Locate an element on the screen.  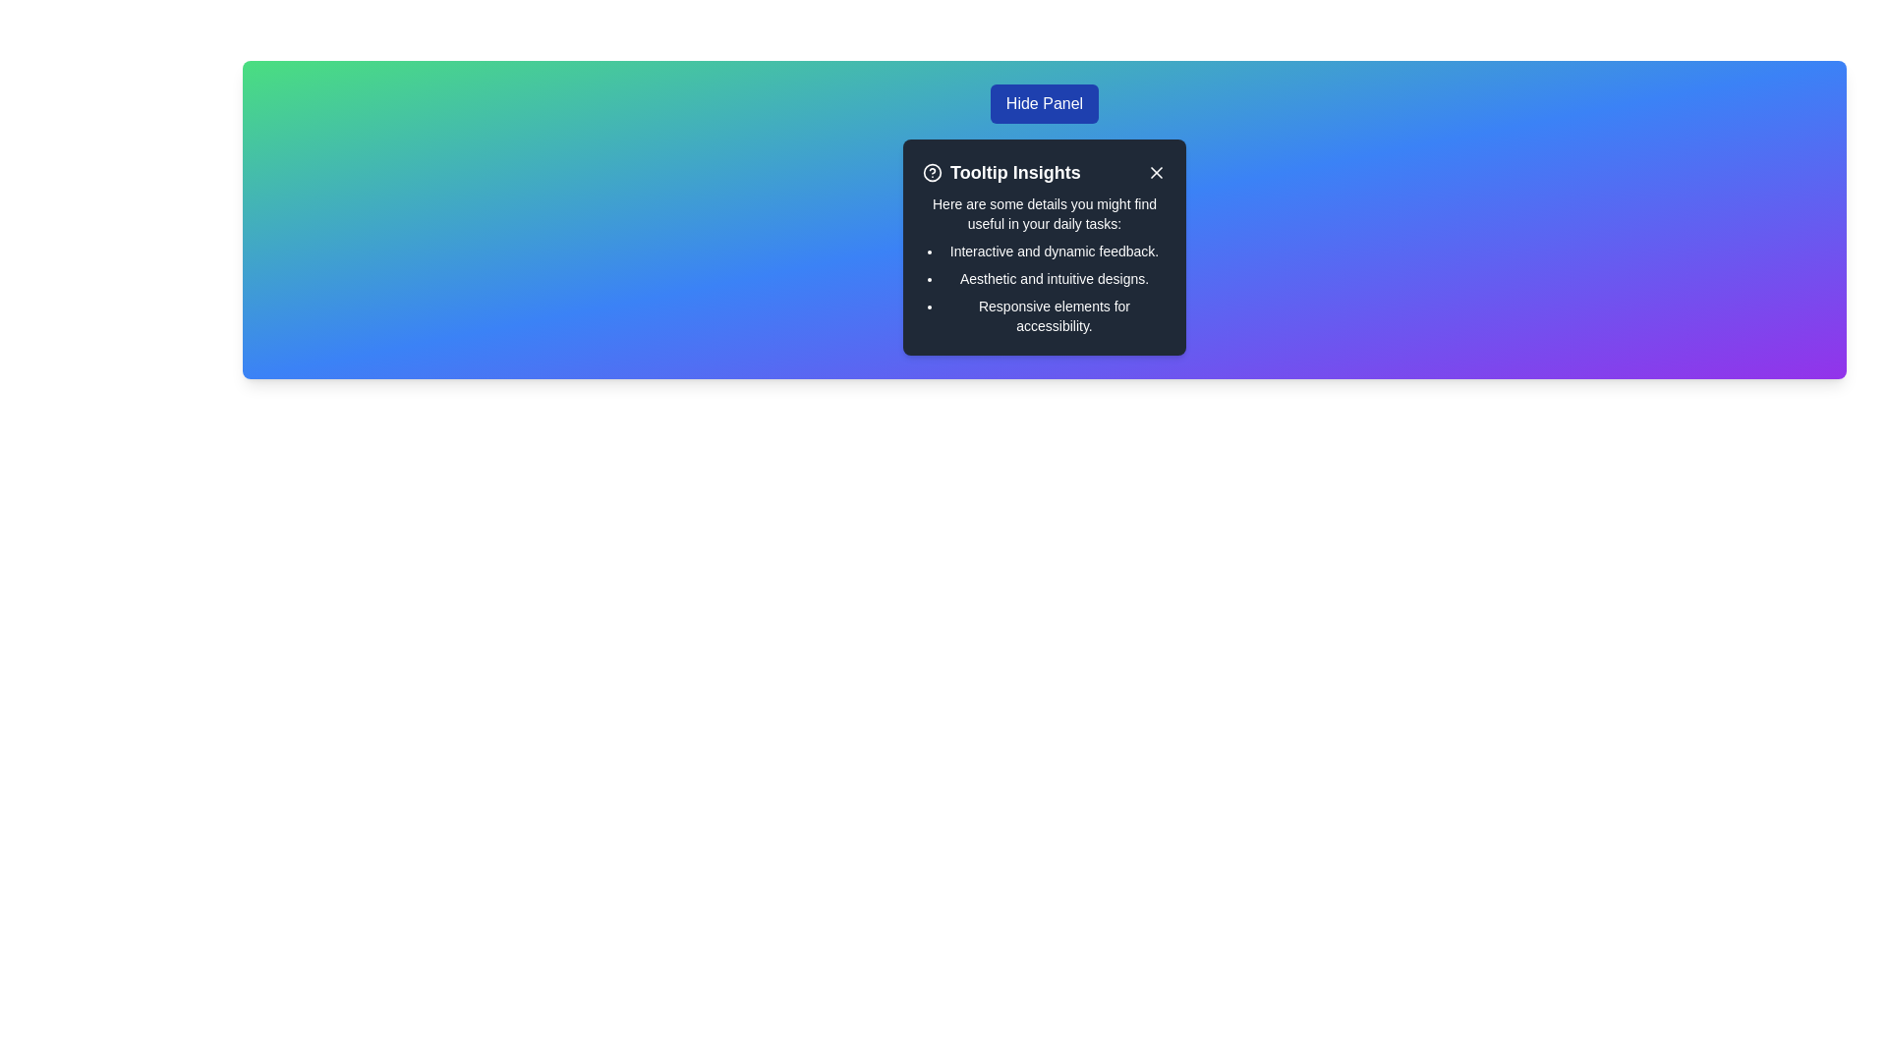
the first item in the bullet-pointed list containing the text 'Interactive and dynamic feedback.' in the tooltip is located at coordinates (1054, 250).